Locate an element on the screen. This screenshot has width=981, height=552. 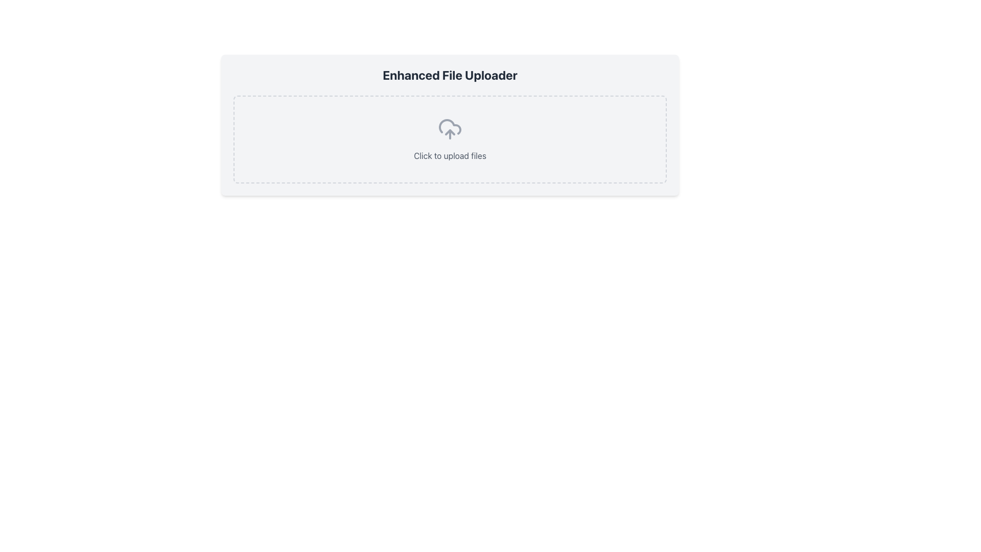
the cloud upload icon is located at coordinates (450, 129).